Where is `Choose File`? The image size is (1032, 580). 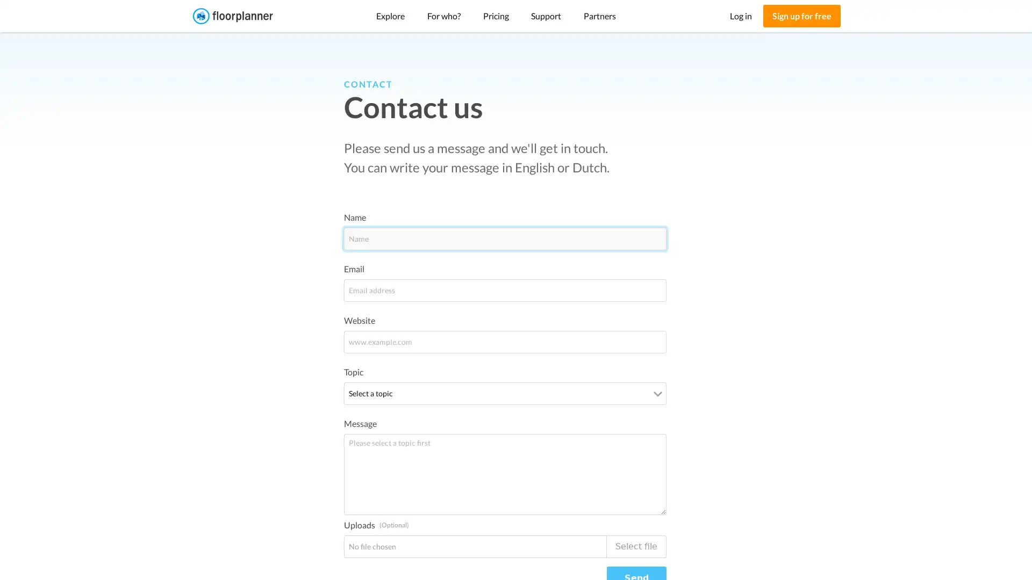 Choose File is located at coordinates (375, 545).